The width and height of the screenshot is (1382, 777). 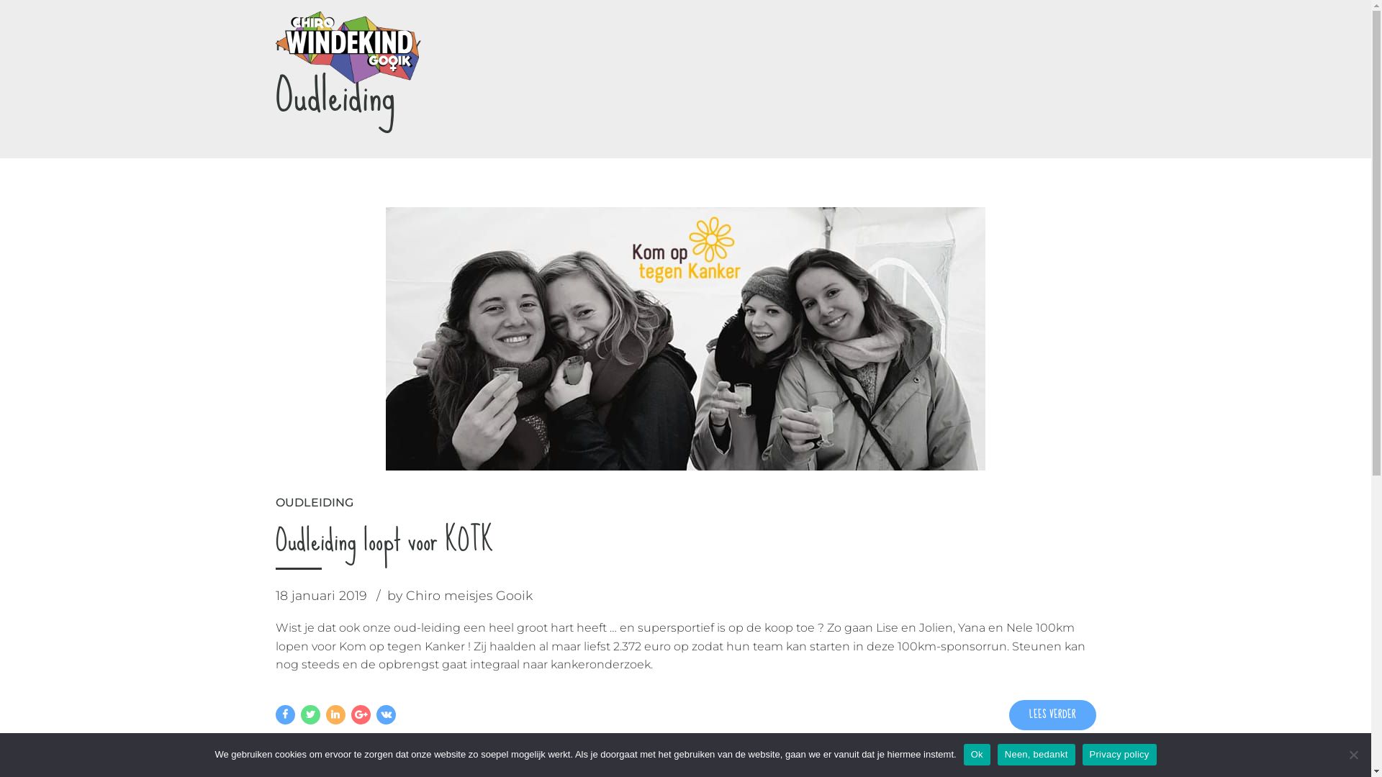 What do you see at coordinates (313, 501) in the screenshot?
I see `'OUDLEIDING'` at bounding box center [313, 501].